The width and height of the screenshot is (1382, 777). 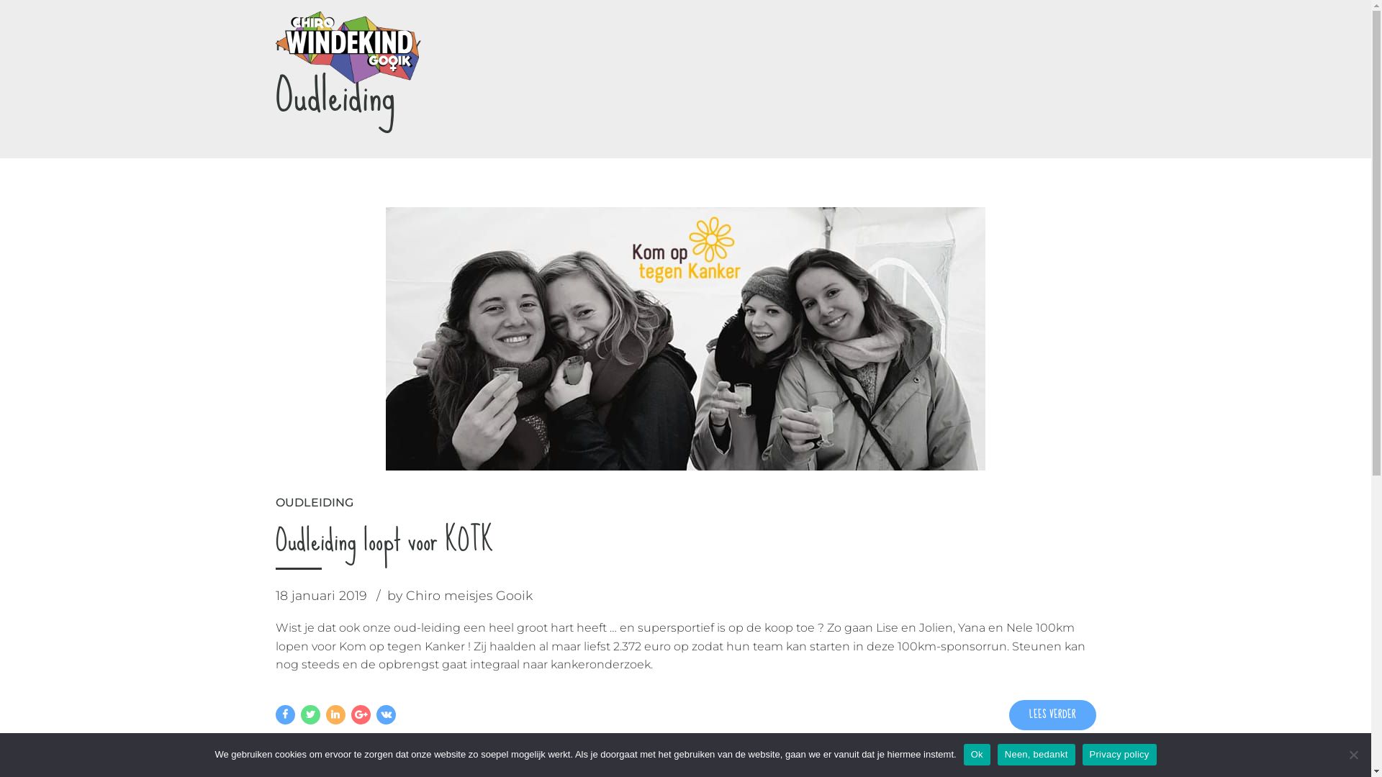 What do you see at coordinates (313, 501) in the screenshot?
I see `'OUDLEIDING'` at bounding box center [313, 501].